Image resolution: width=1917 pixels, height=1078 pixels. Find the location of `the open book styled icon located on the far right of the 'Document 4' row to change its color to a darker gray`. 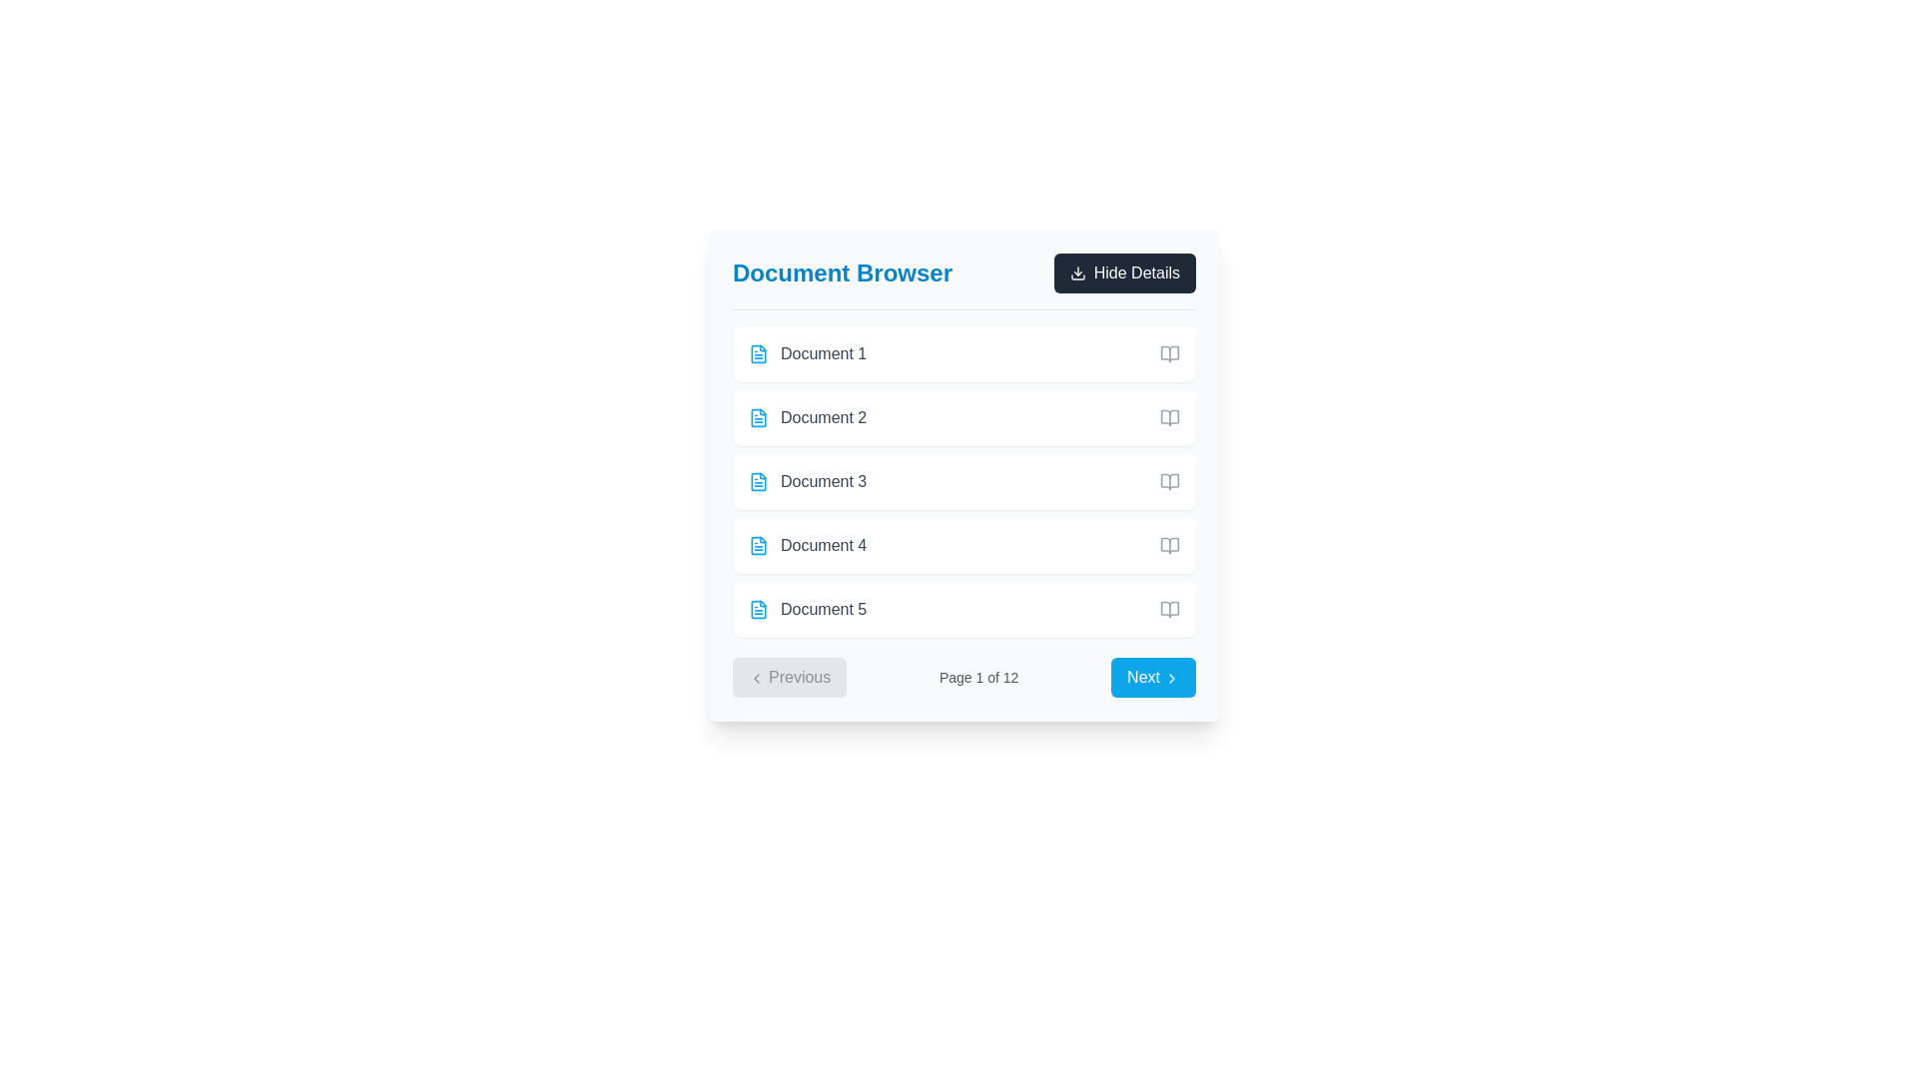

the open book styled icon located on the far right of the 'Document 4' row to change its color to a darker gray is located at coordinates (1169, 546).